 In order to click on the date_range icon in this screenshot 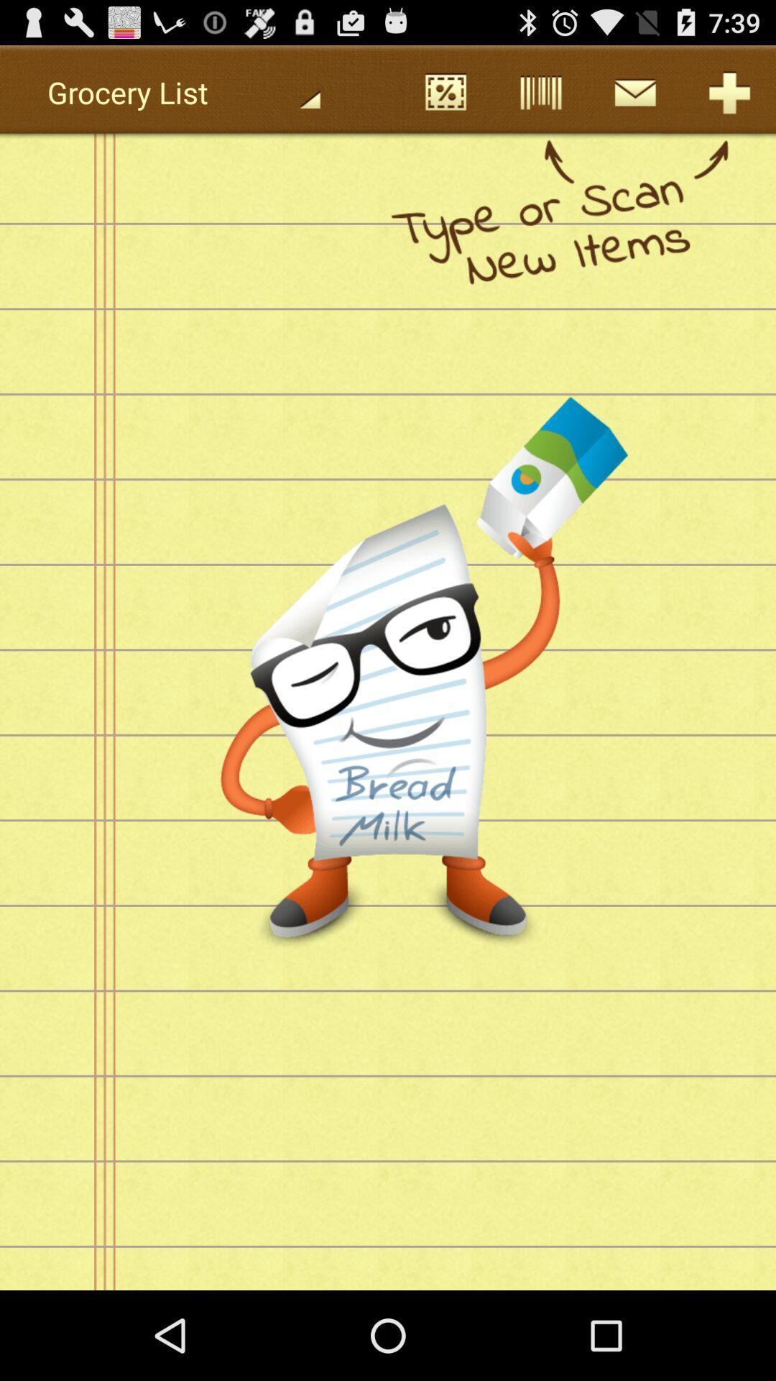, I will do `click(445, 98)`.